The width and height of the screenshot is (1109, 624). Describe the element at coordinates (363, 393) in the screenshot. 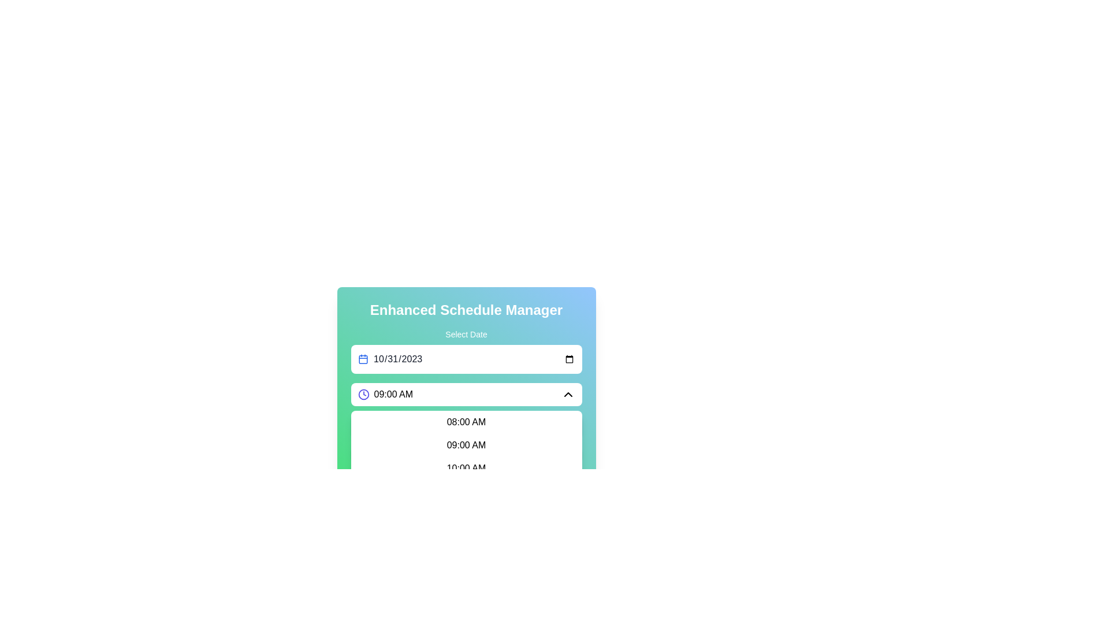

I see `the circular graphic within the clock icon, which is part of the time selection functionality on the scheduler interface` at that location.